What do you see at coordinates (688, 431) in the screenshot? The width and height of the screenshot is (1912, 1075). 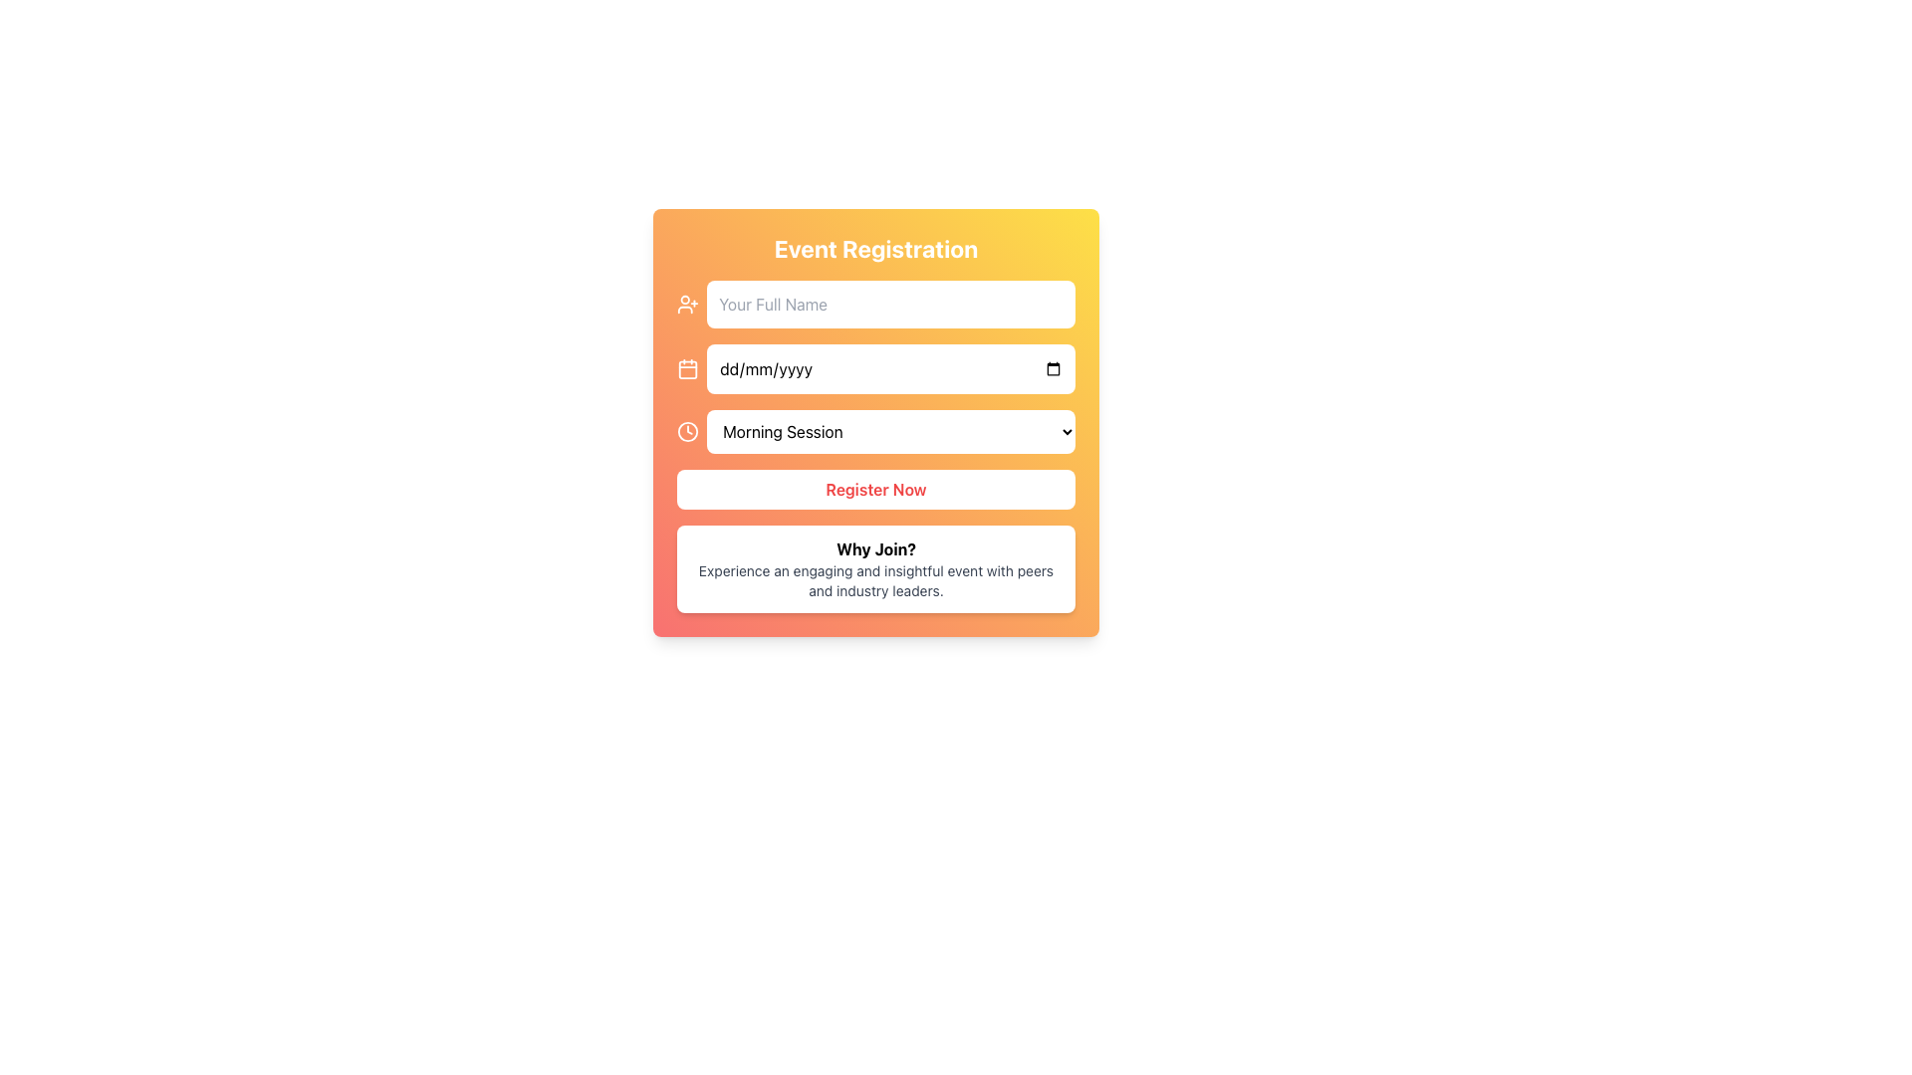 I see `the circular clock icon with a white outline and clock hands against an orange background, located to the left of the 'Morning Session' dropdown input field` at bounding box center [688, 431].